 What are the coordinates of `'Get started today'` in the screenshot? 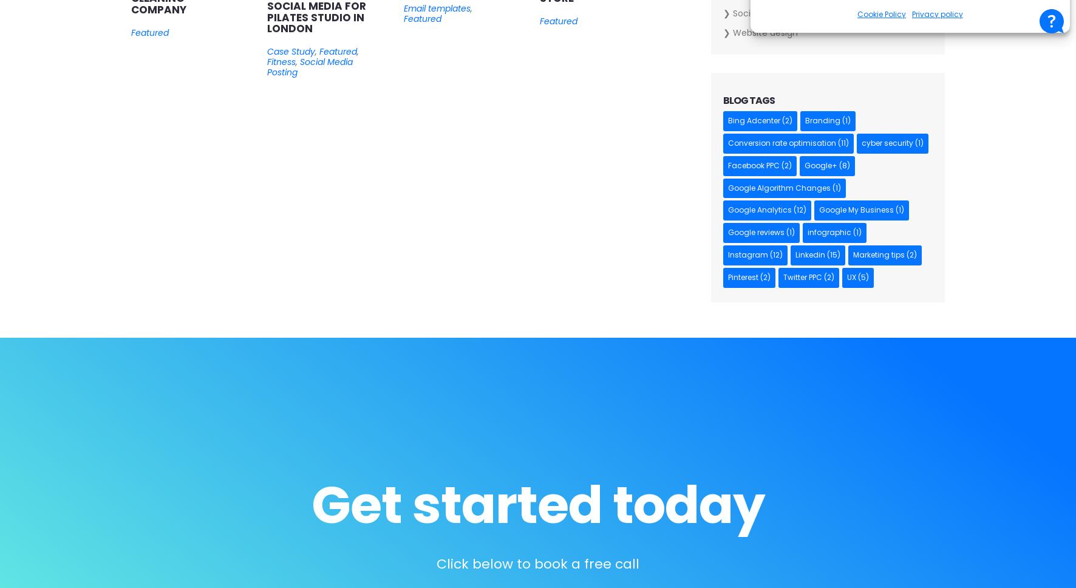 It's located at (310, 505).